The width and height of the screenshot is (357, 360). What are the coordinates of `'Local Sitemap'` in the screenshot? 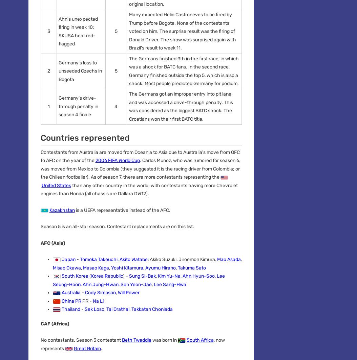 It's located at (161, 228).